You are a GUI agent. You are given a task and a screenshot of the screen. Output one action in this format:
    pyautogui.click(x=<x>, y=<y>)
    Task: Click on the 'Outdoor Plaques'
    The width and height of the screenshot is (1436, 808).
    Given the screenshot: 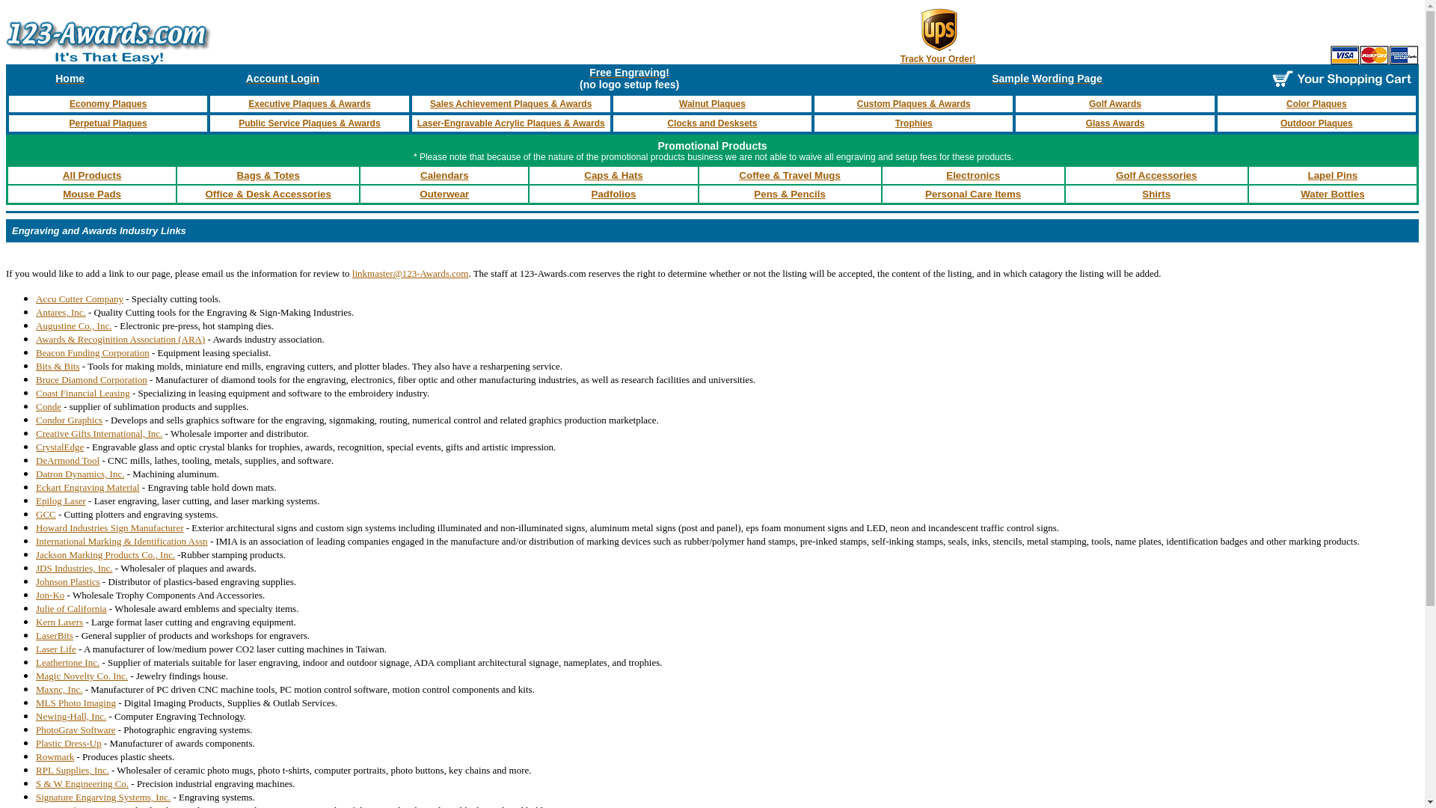 What is the action you would take?
    pyautogui.click(x=1316, y=123)
    